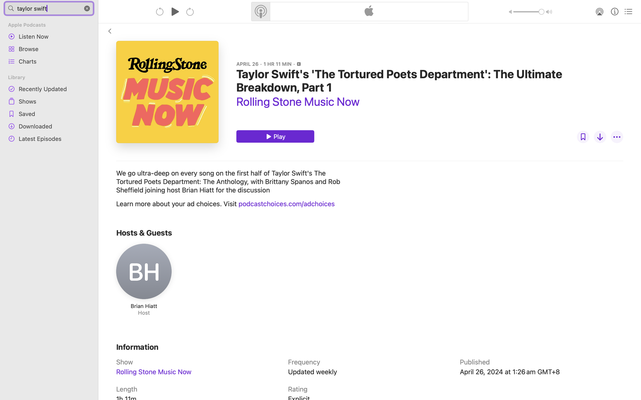  I want to click on '1.0', so click(529, 12).